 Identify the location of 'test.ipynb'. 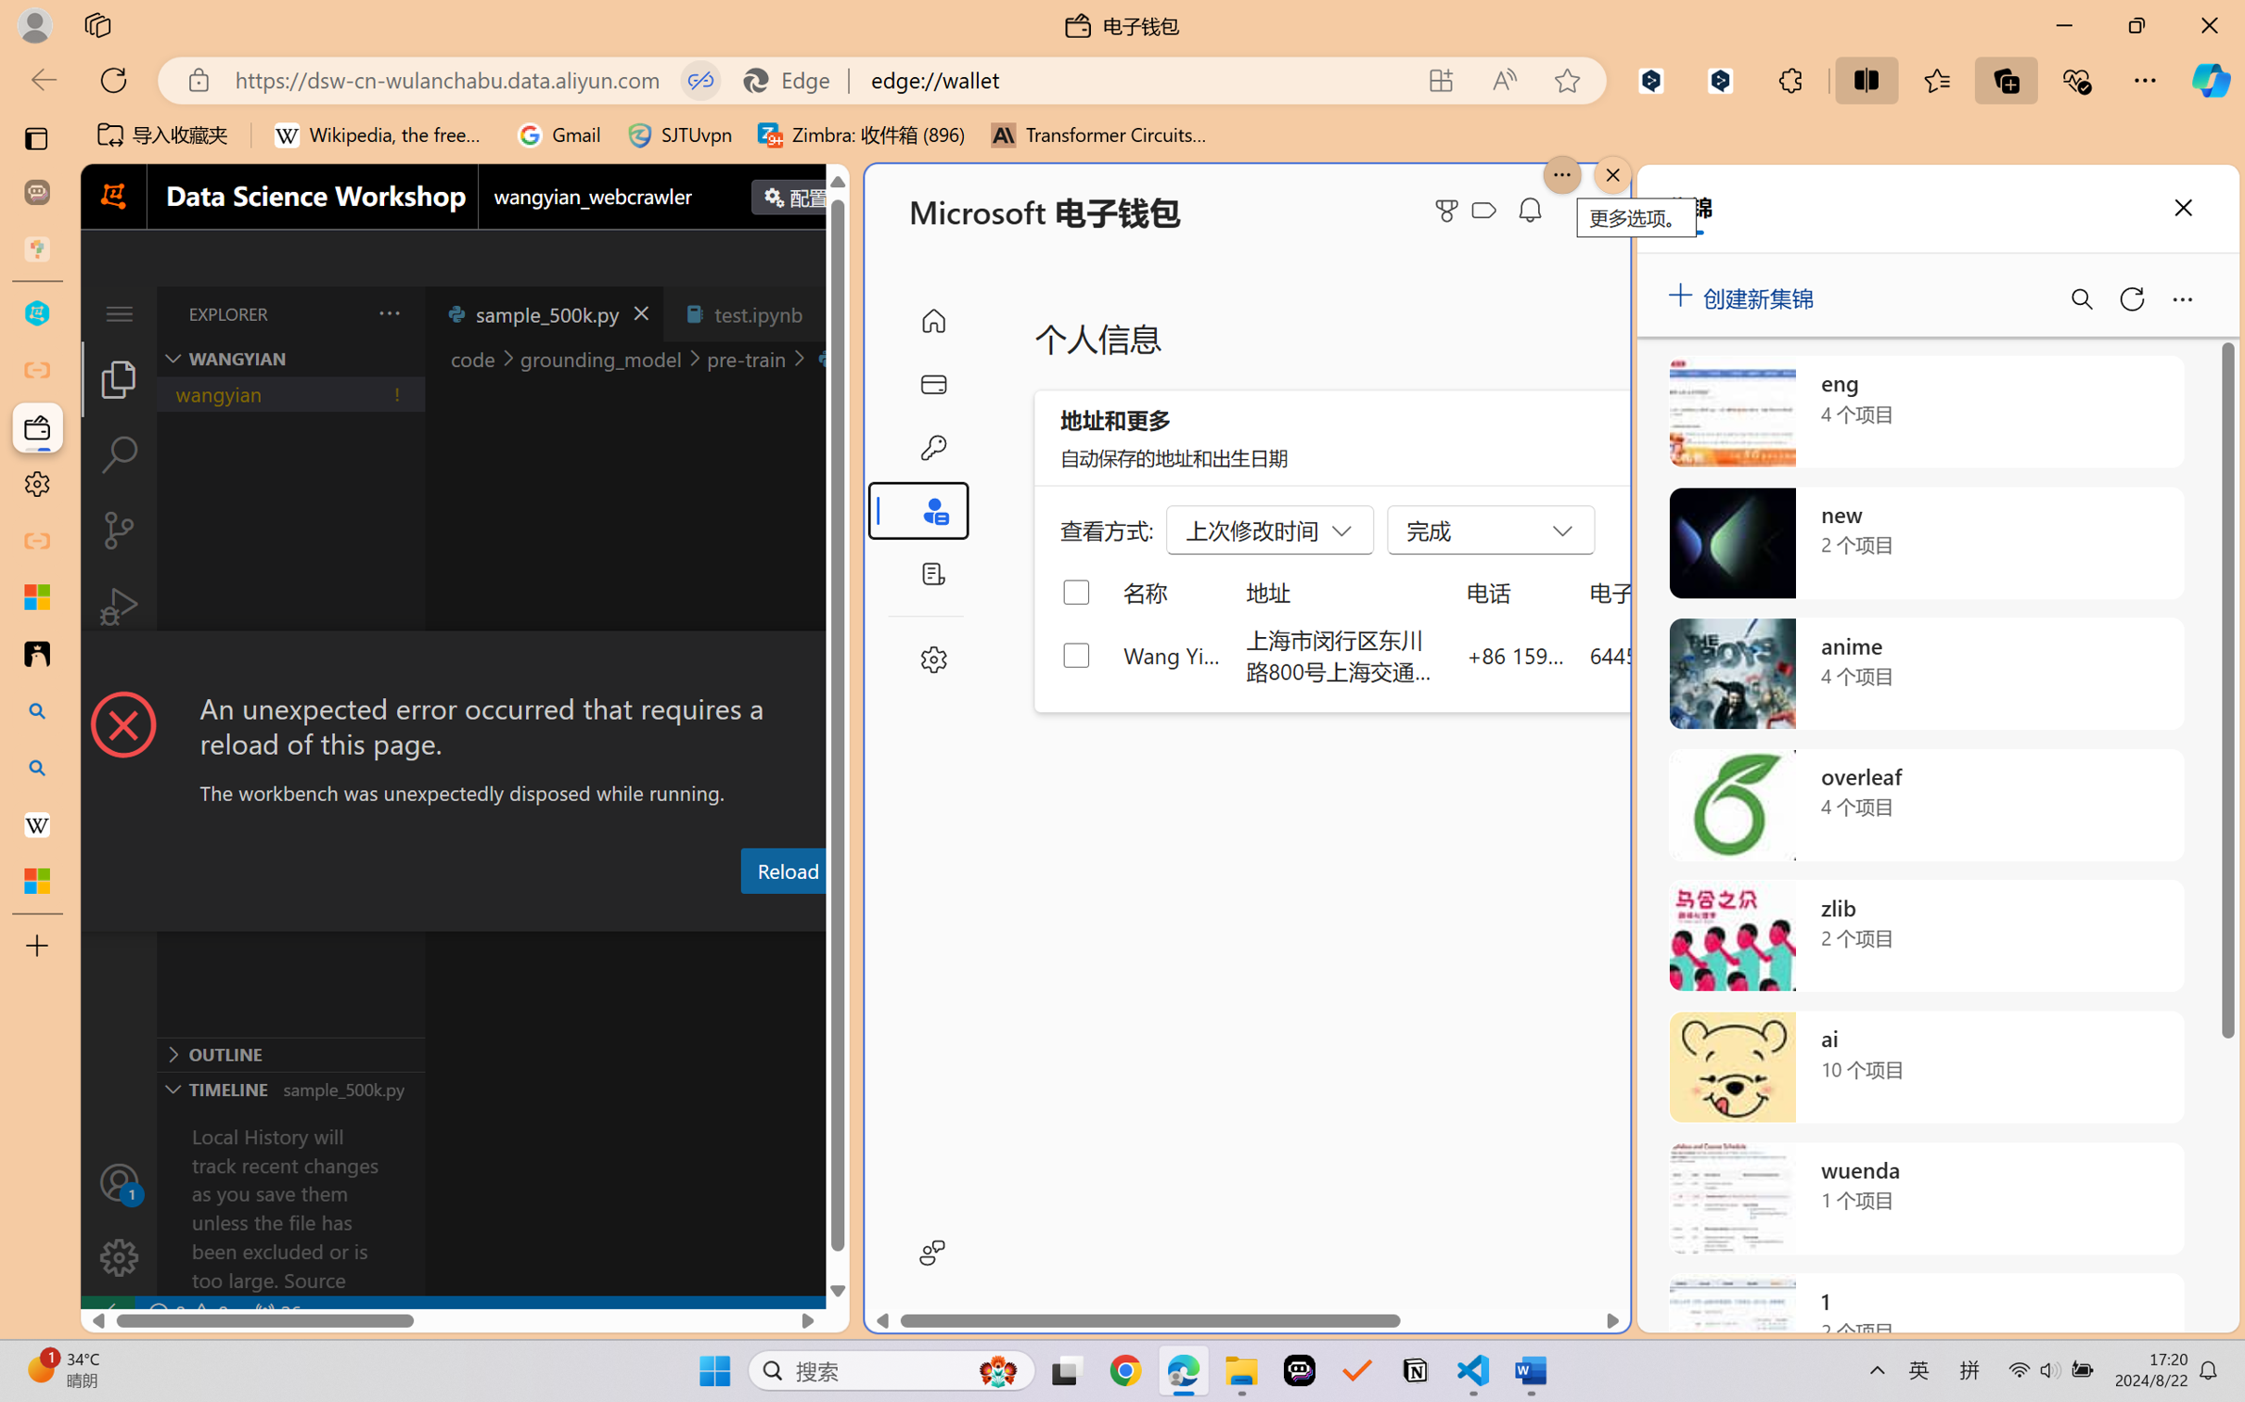
(758, 312).